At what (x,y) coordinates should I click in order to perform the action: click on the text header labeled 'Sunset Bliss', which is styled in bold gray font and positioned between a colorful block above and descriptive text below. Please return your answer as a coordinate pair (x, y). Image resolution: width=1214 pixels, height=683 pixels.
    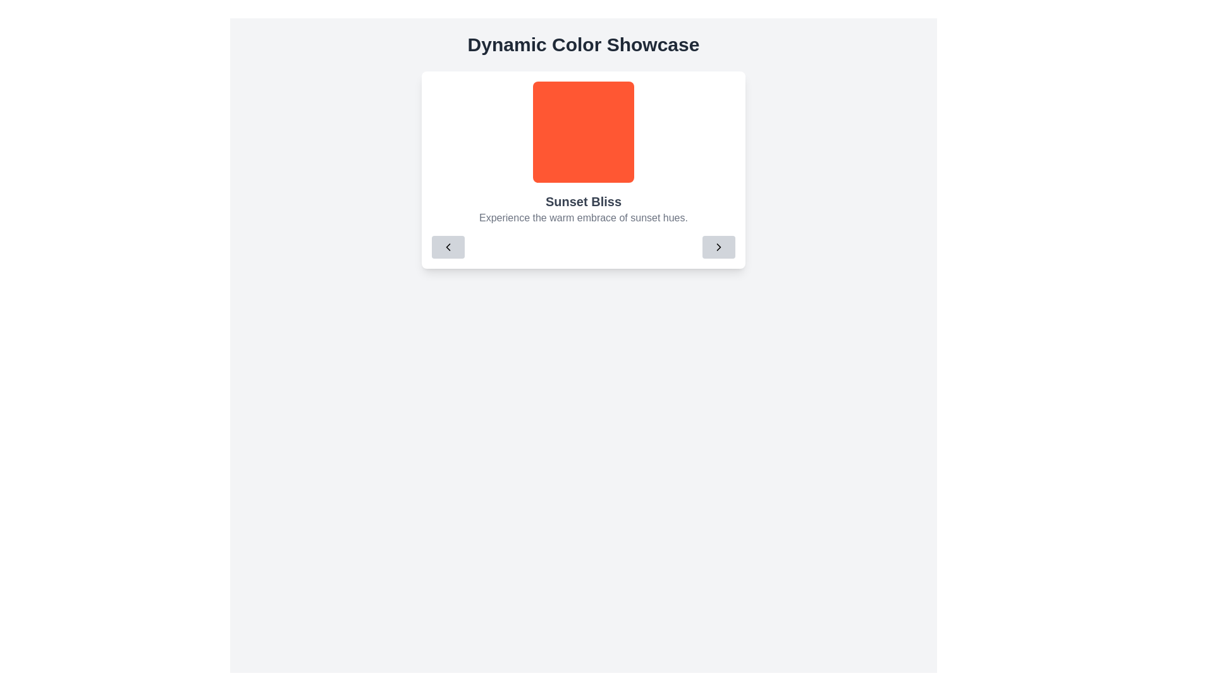
    Looking at the image, I should click on (582, 201).